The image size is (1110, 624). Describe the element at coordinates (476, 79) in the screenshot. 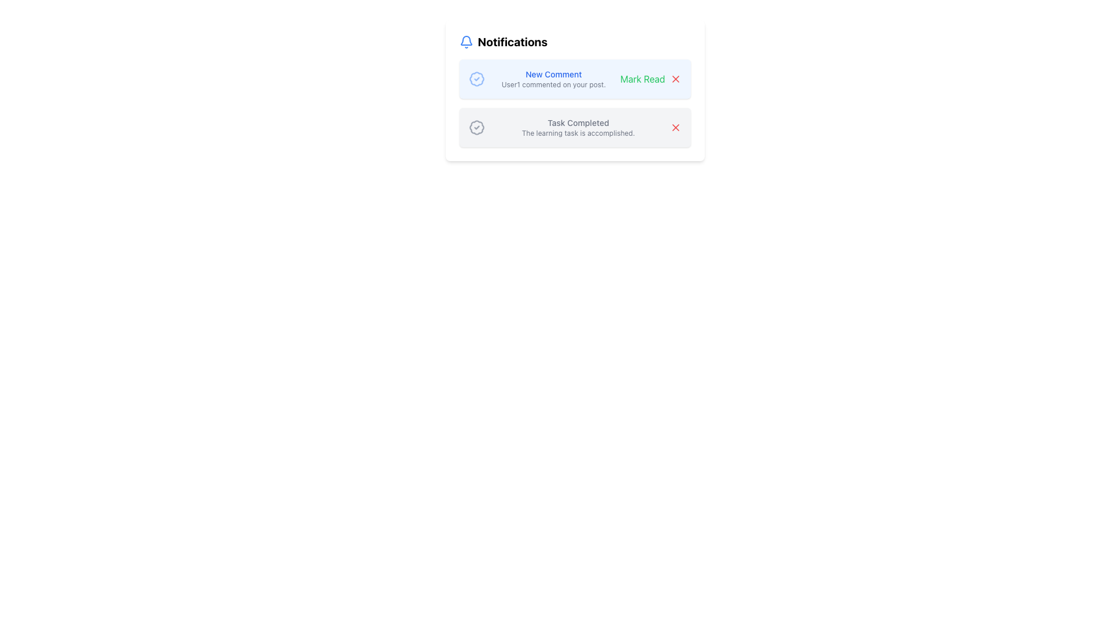

I see `the decorative indicator icon that conveys a confirmation status within the notification message area, located to the far left alongside the text 'New Comment'` at that location.